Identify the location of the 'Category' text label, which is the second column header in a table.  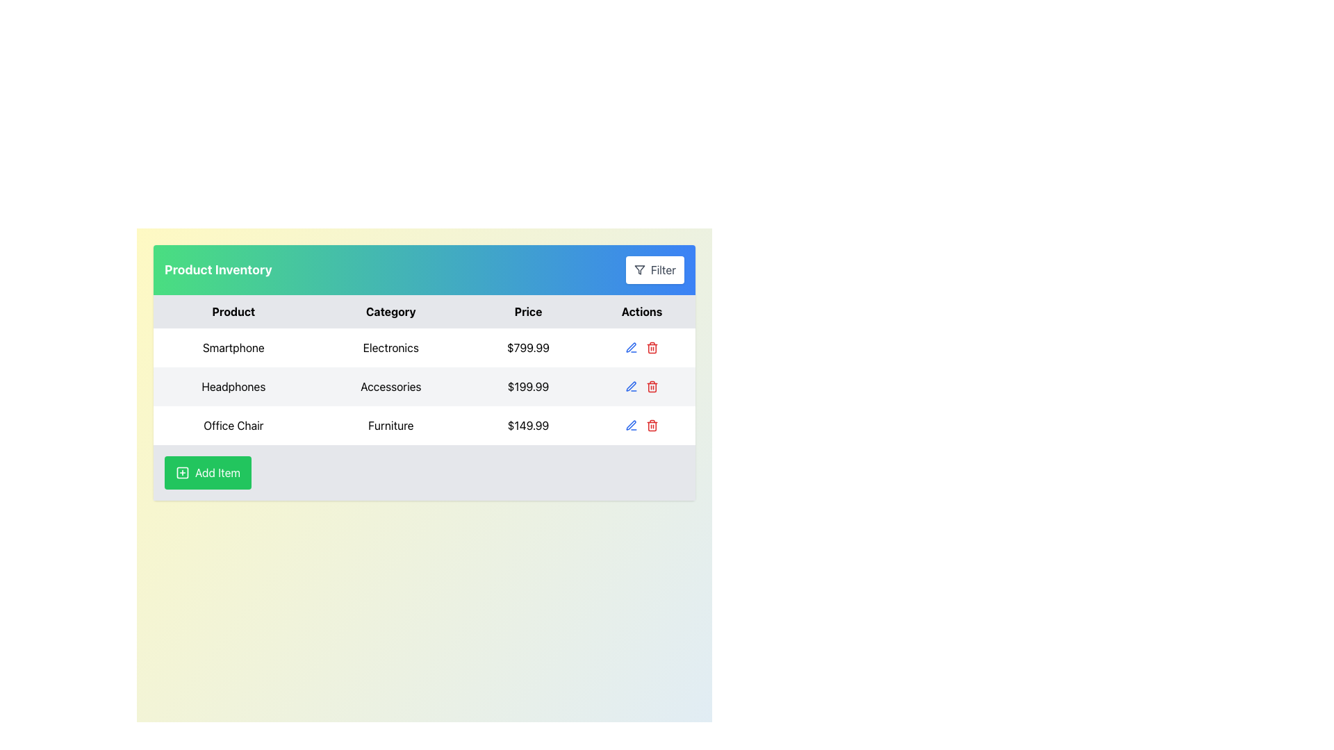
(390, 310).